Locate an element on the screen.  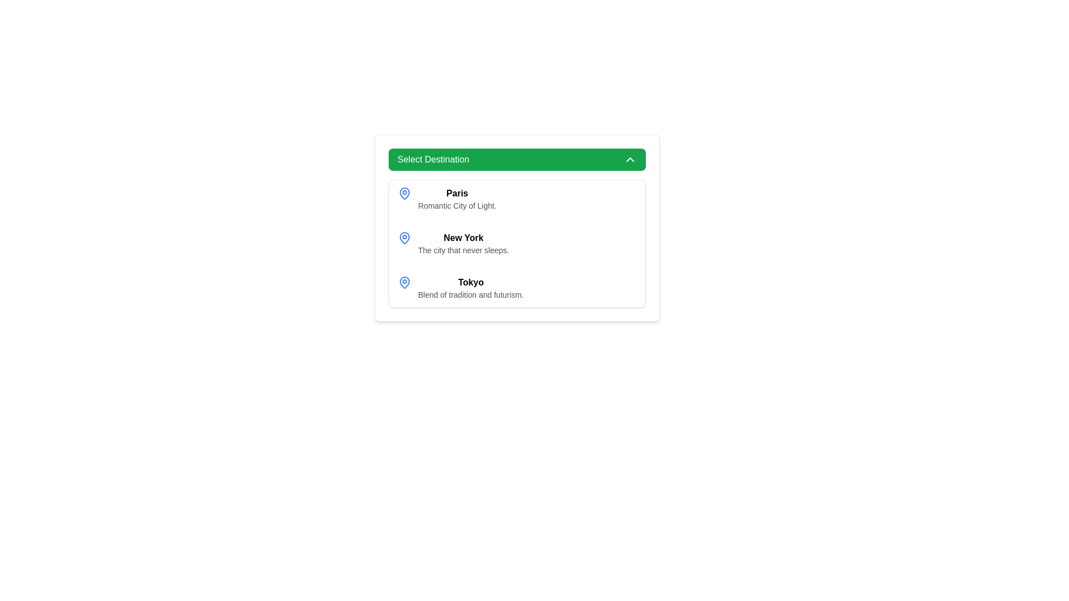
the location marker icon for the city 'New York' in the dropdown menu is located at coordinates (404, 238).